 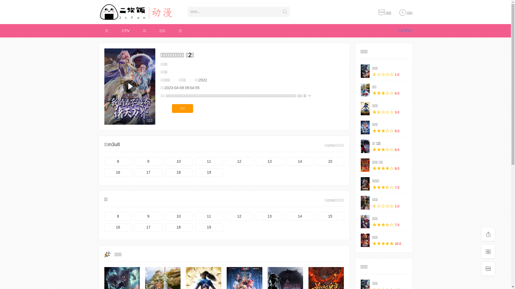 What do you see at coordinates (178, 216) in the screenshot?
I see `'10'` at bounding box center [178, 216].